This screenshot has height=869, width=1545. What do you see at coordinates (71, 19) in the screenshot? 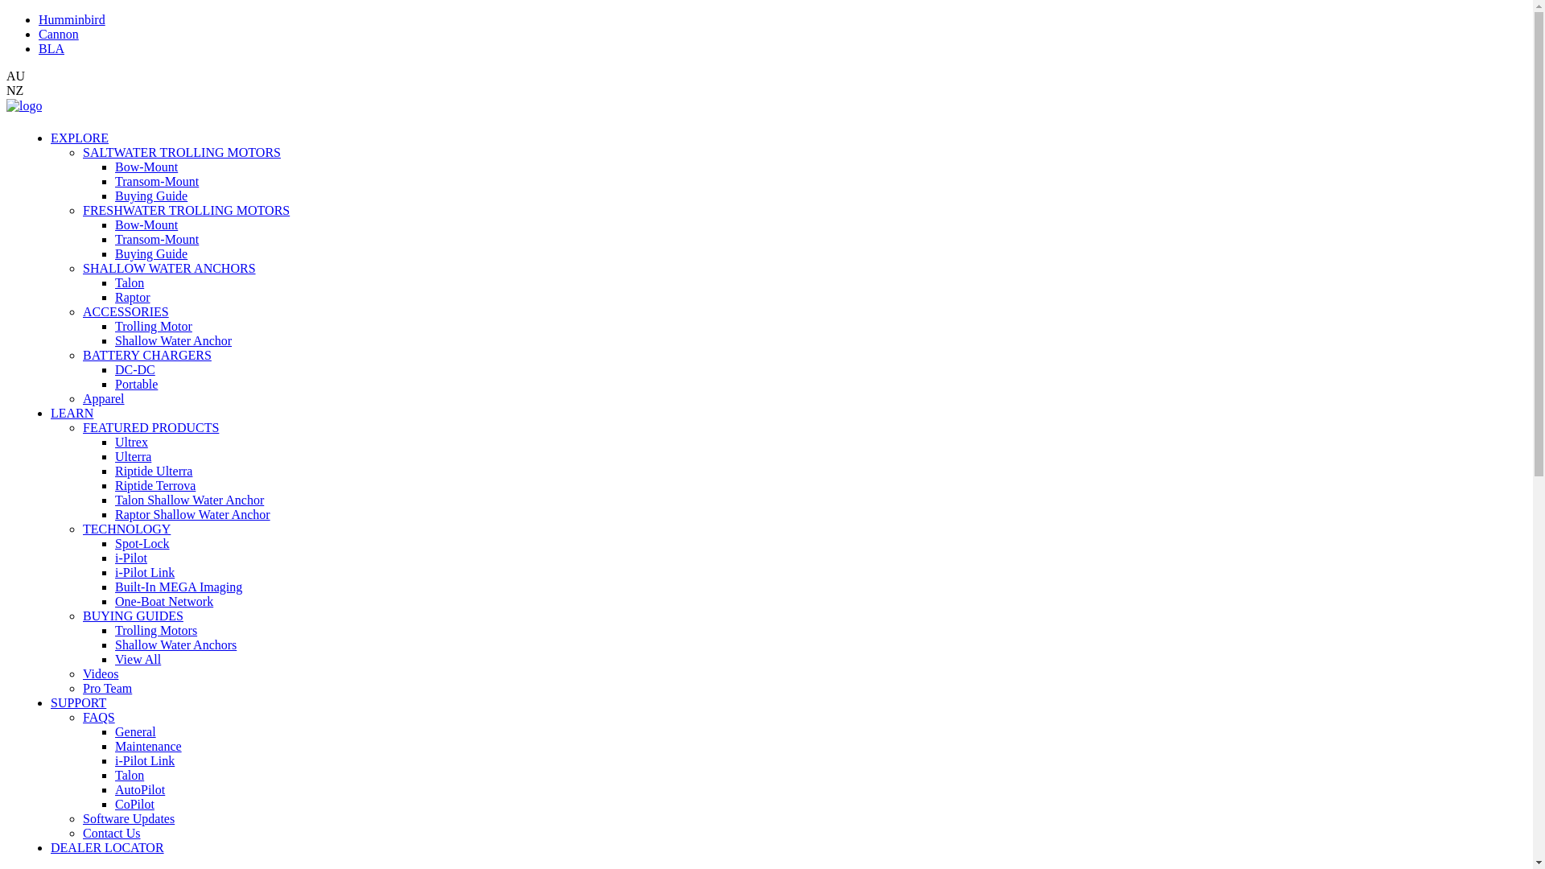
I see `'Humminbird'` at bounding box center [71, 19].